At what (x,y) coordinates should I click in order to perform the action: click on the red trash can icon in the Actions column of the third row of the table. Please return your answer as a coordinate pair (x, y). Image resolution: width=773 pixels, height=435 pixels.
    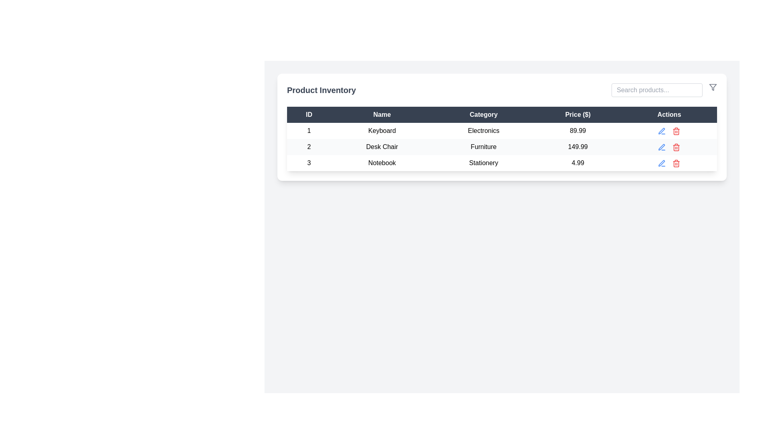
    Looking at the image, I should click on (669, 163).